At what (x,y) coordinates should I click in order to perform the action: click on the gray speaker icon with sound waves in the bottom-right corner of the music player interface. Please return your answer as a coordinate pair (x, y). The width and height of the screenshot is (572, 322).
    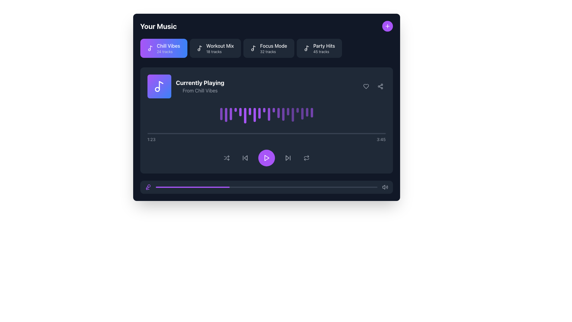
    Looking at the image, I should click on (385, 187).